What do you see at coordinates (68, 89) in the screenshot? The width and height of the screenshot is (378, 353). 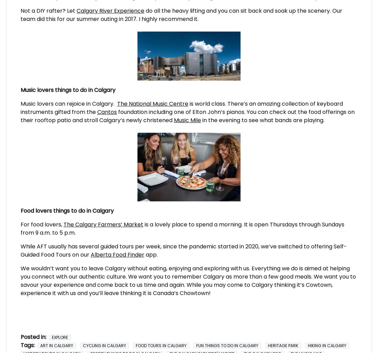 I see `'Music lovers things to do in Calgary'` at bounding box center [68, 89].